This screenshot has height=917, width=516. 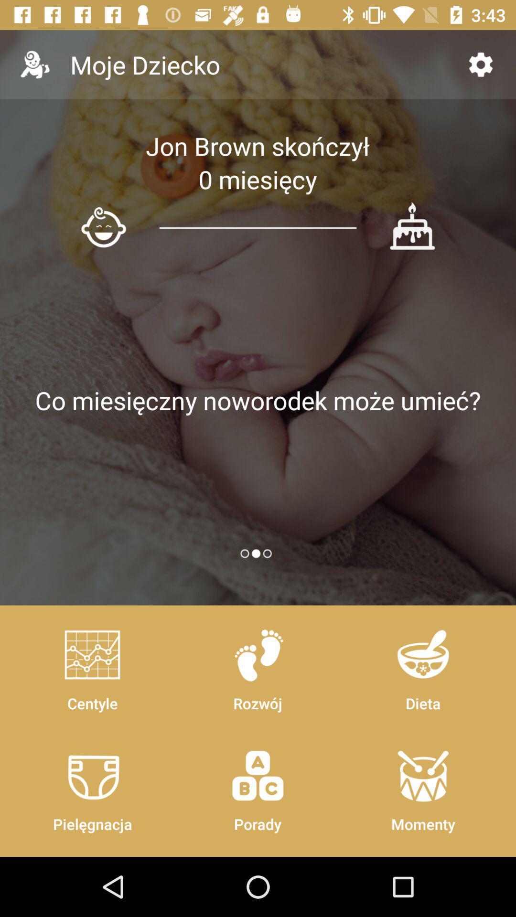 What do you see at coordinates (481, 64) in the screenshot?
I see `the settings icon` at bounding box center [481, 64].